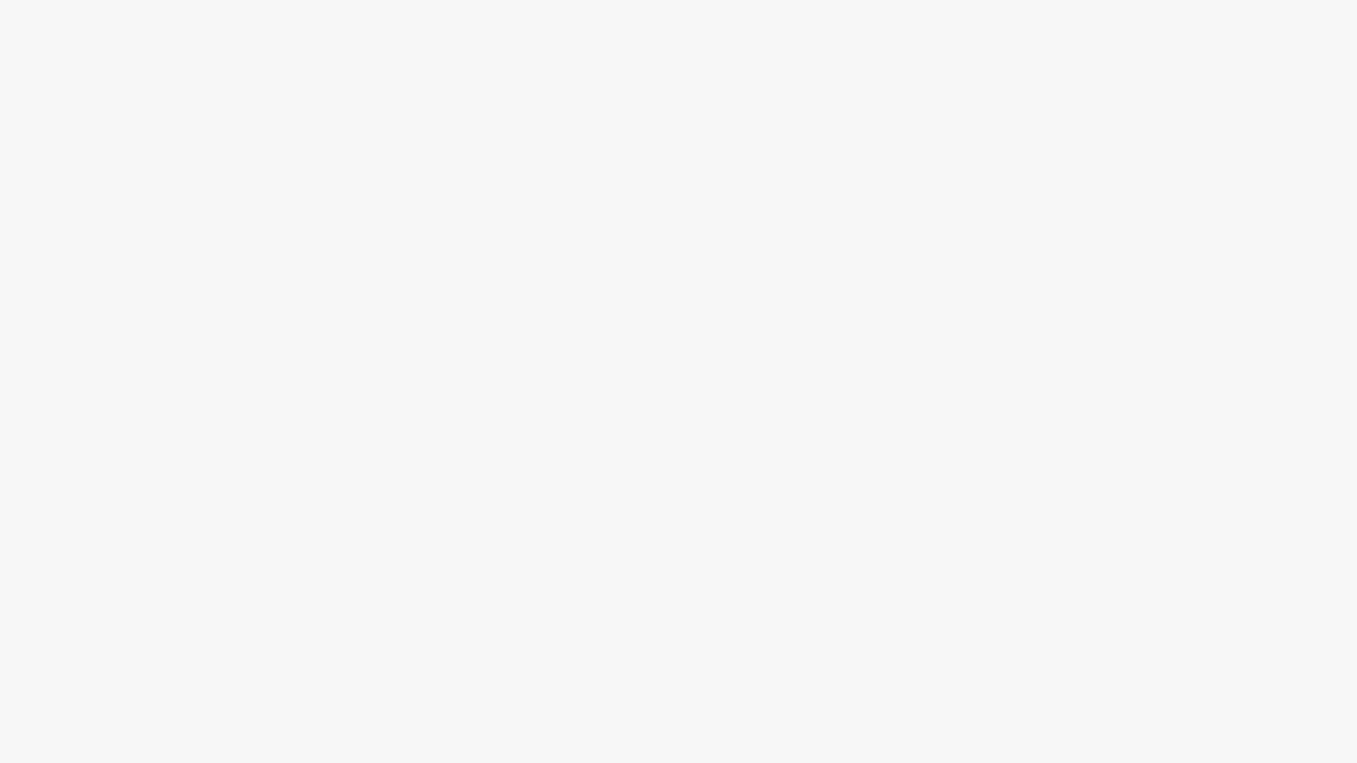  I want to click on LOGIN, so click(1192, 30).